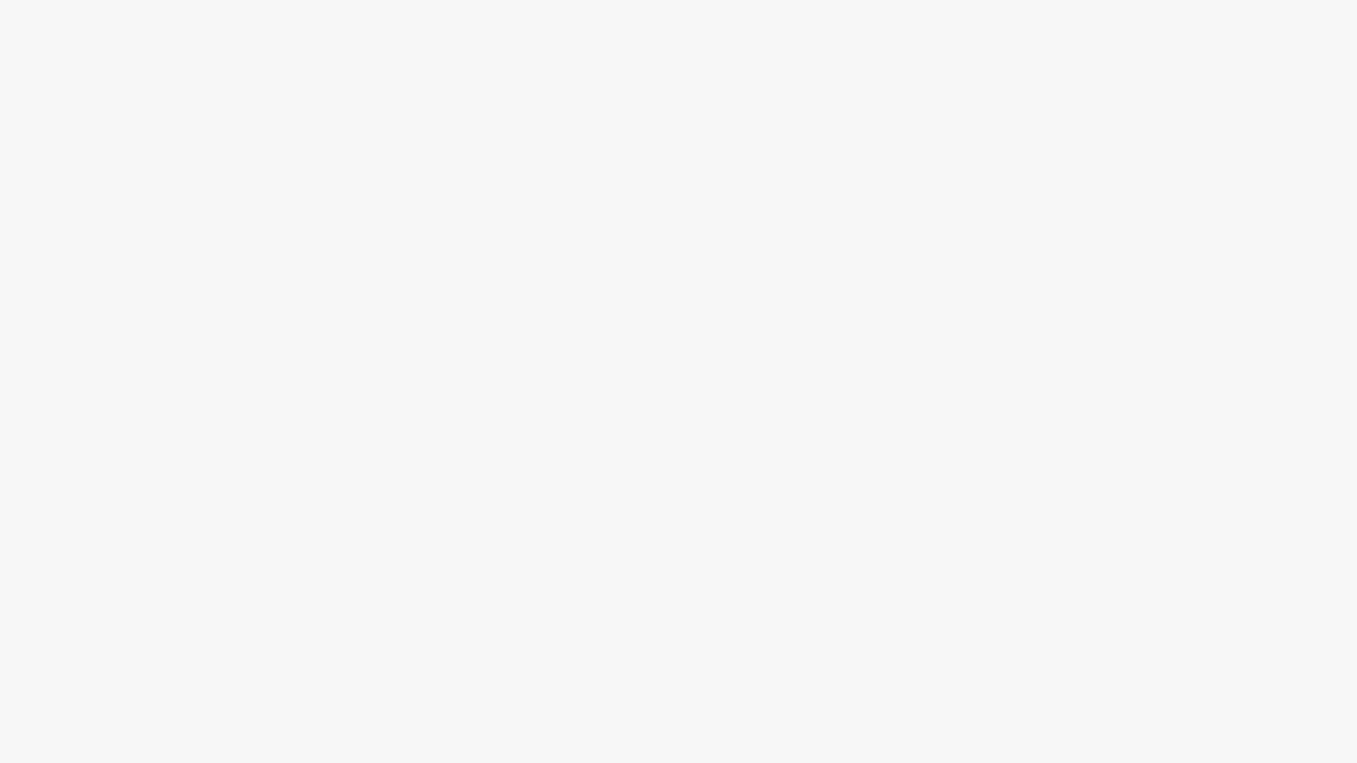  I want to click on LOGIN, so click(1192, 30).